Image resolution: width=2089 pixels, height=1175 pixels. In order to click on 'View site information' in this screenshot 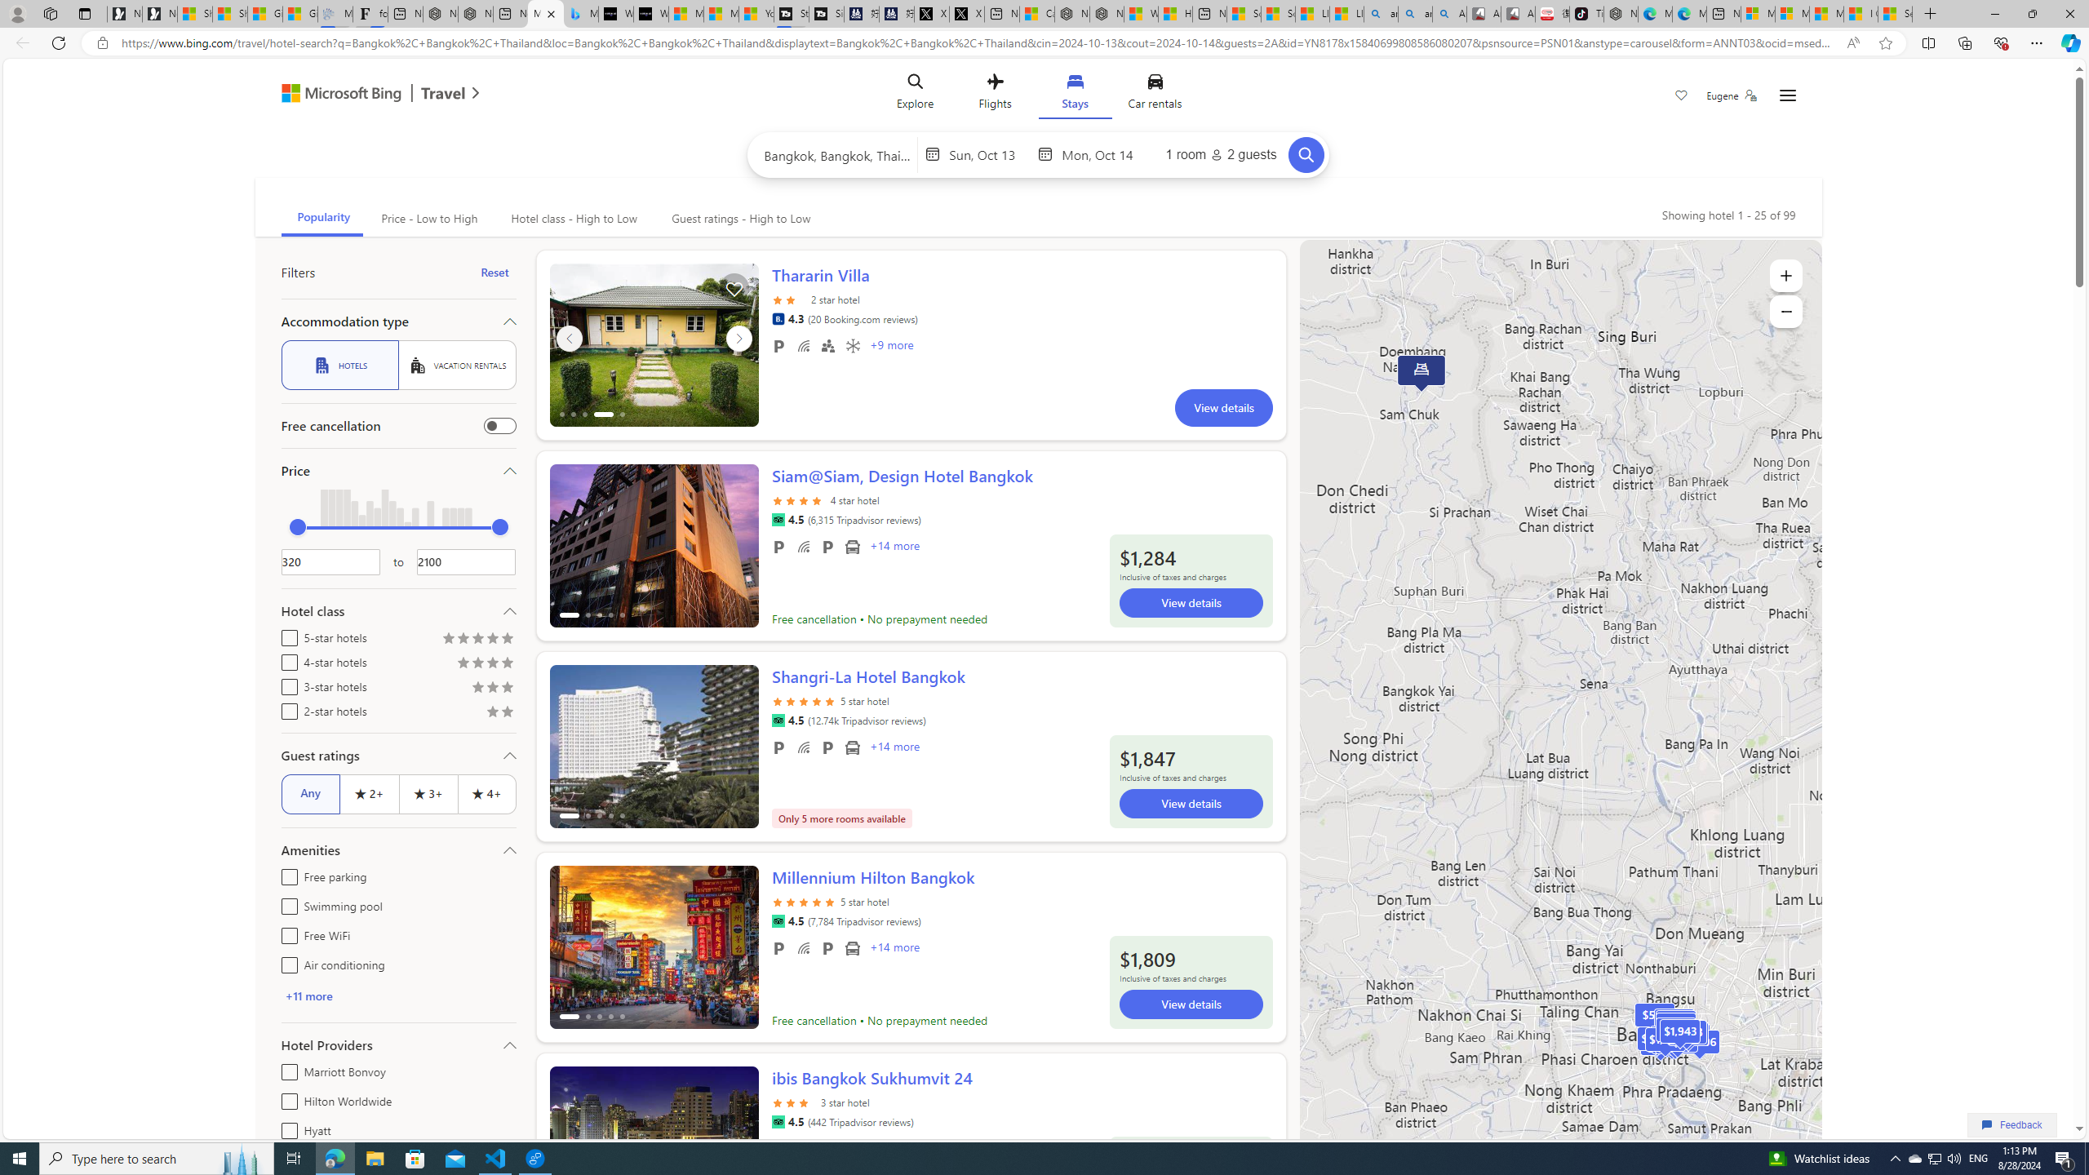, I will do `click(102, 43)`.